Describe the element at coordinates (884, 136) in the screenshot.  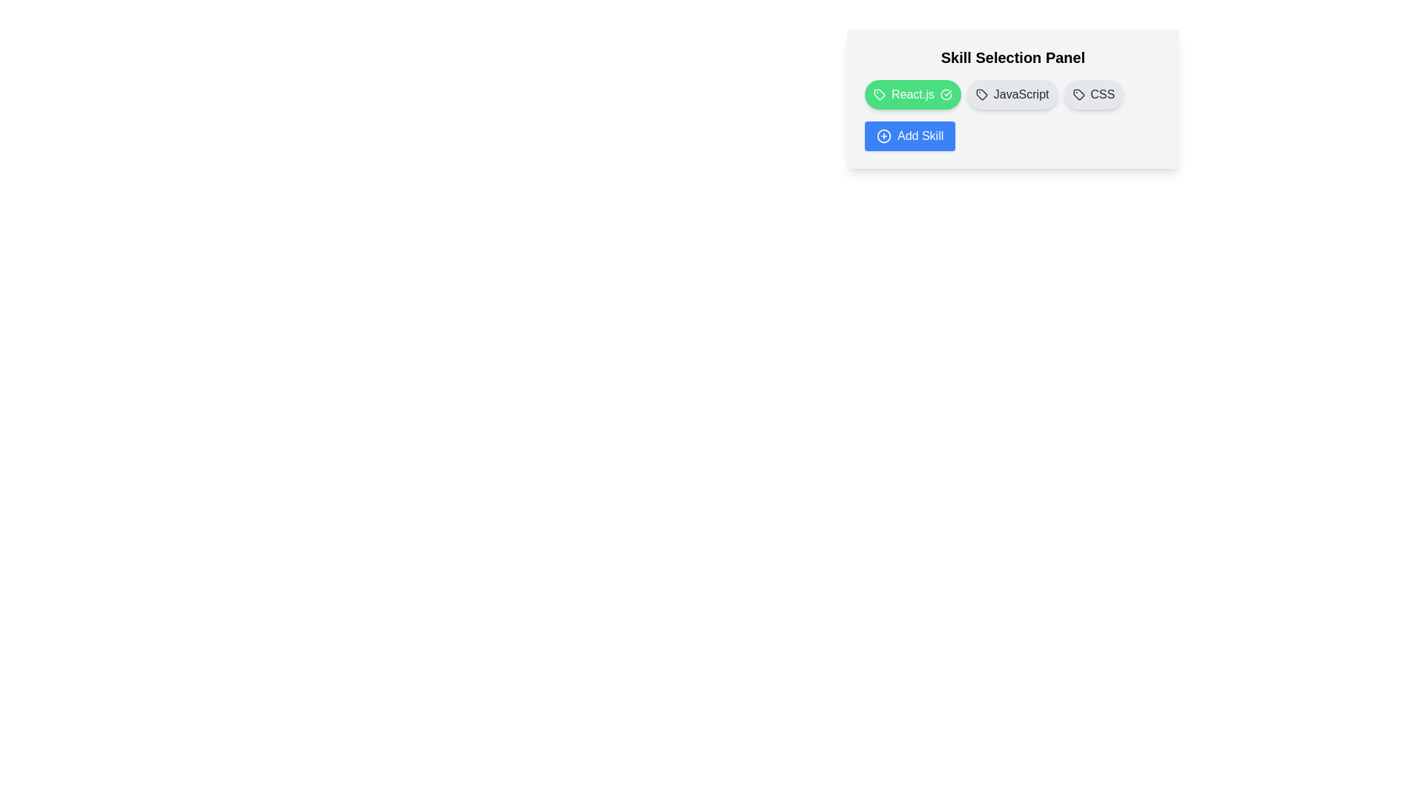
I see `the 'Add Skill' button that contains a circular plus sign icon, which is visually presented as a blue rectangular button positioned underneath the 'Skill Selection Panel'` at that location.